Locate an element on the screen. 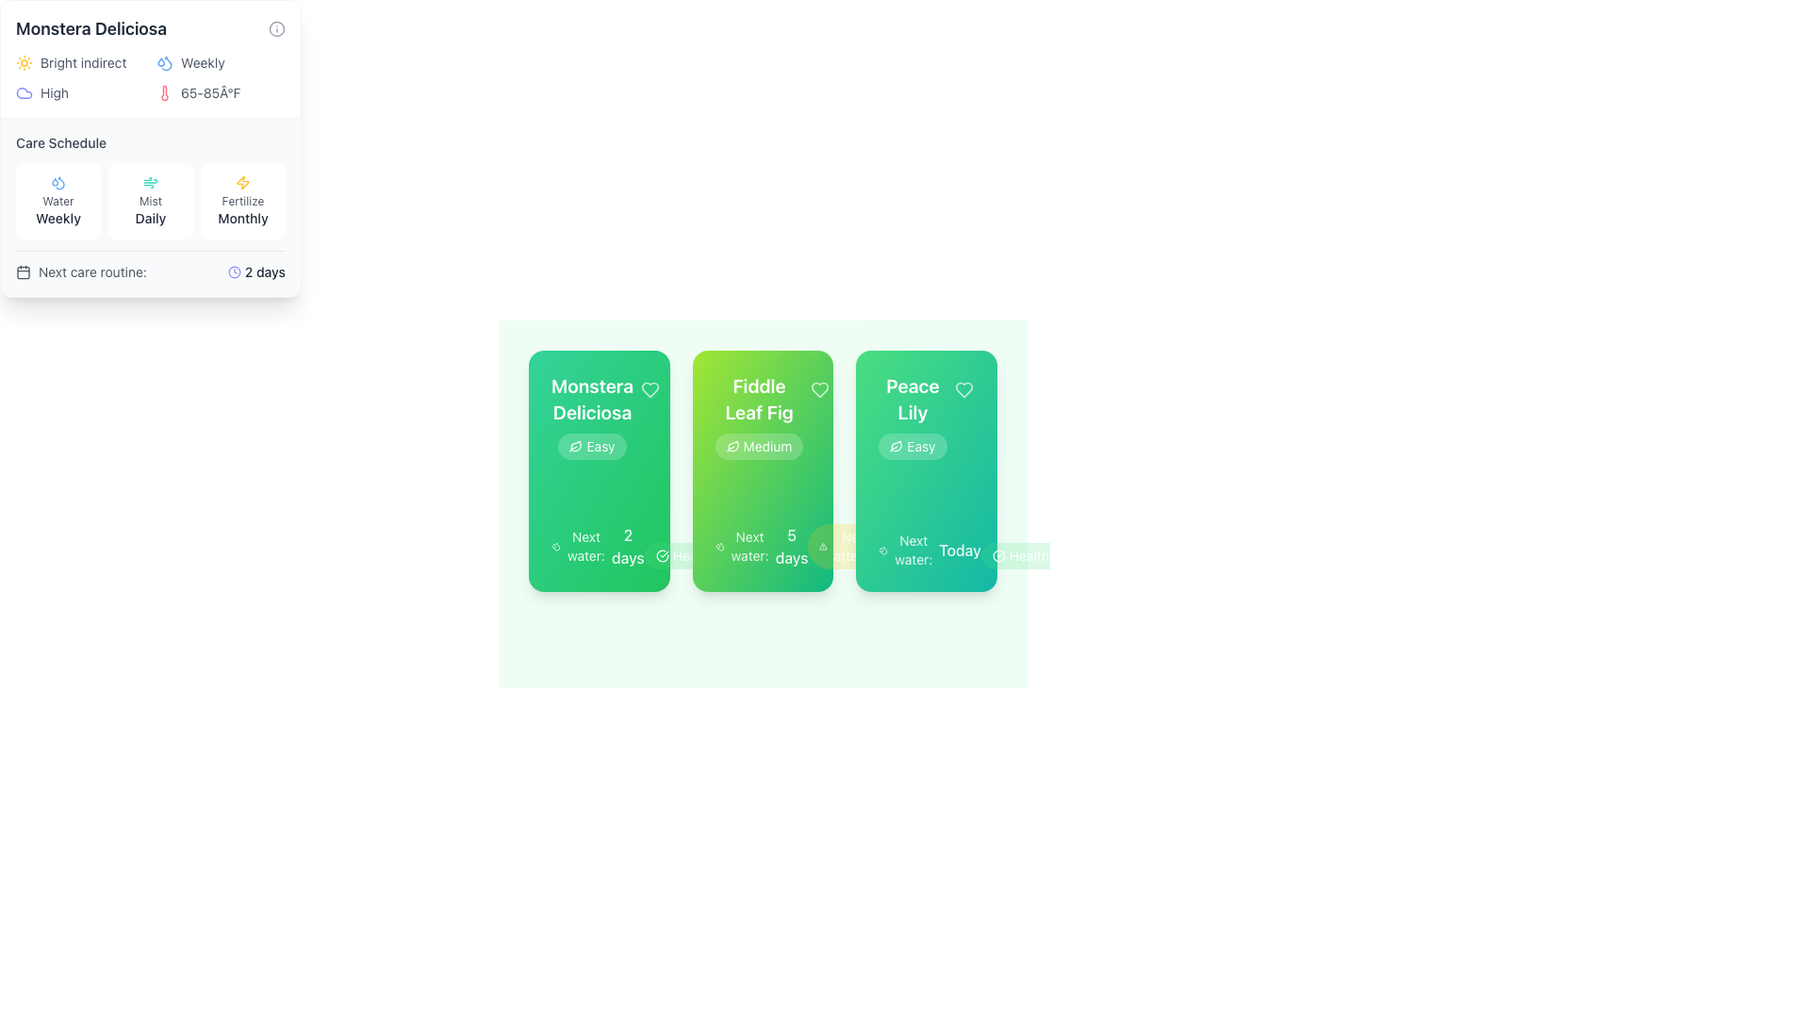 This screenshot has width=1810, height=1018. text from the Text Label displaying 'Fiddle Leaf Fig' prominently in bold white font and 'Medium' in smaller text below it, located in the upper section of the central green card is located at coordinates (763, 416).